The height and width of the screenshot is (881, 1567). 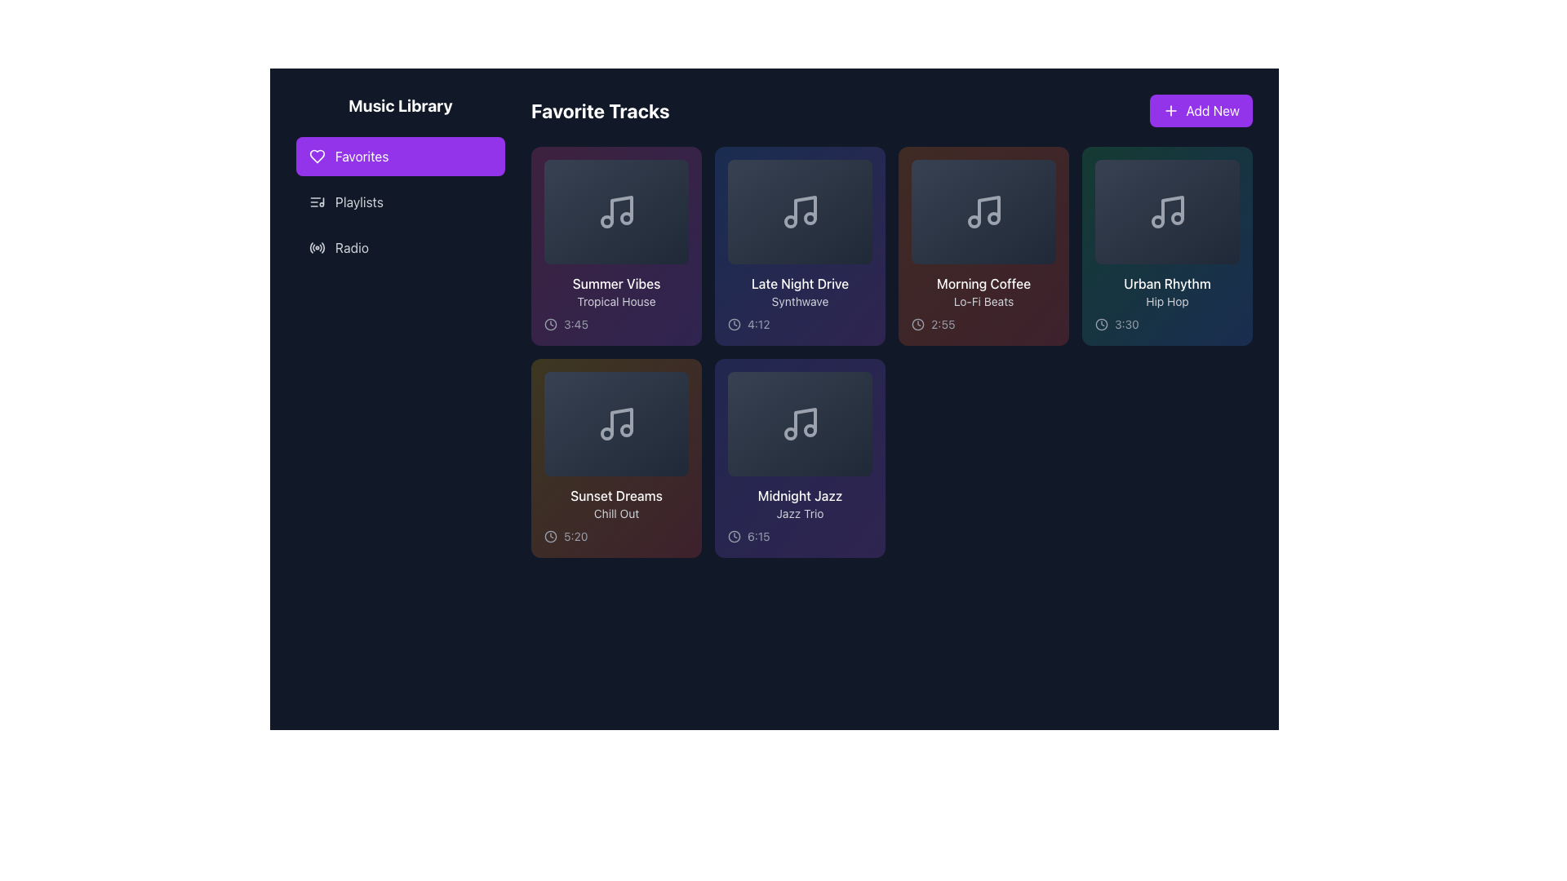 What do you see at coordinates (358, 201) in the screenshot?
I see `the 'Playlists' text label in the sidebar navigation list` at bounding box center [358, 201].